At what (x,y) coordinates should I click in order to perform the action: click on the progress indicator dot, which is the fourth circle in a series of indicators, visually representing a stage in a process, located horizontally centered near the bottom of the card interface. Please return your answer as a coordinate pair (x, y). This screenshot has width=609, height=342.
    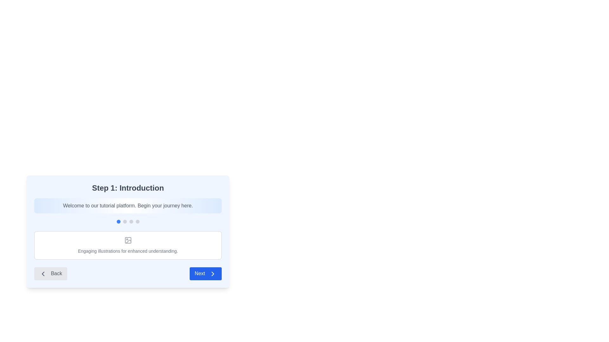
    Looking at the image, I should click on (137, 221).